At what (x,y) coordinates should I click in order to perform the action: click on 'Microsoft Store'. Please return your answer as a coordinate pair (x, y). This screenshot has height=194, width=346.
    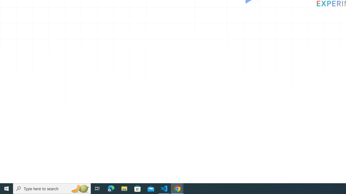
    Looking at the image, I should click on (138, 188).